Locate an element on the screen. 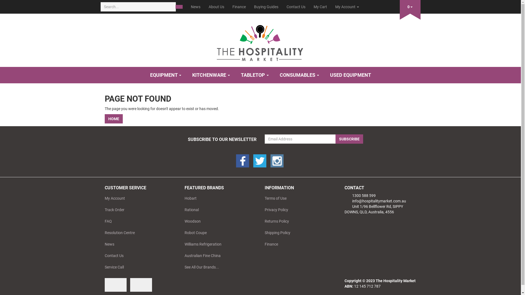 This screenshot has width=525, height=295. 'KITCHENWARE' is located at coordinates (211, 75).